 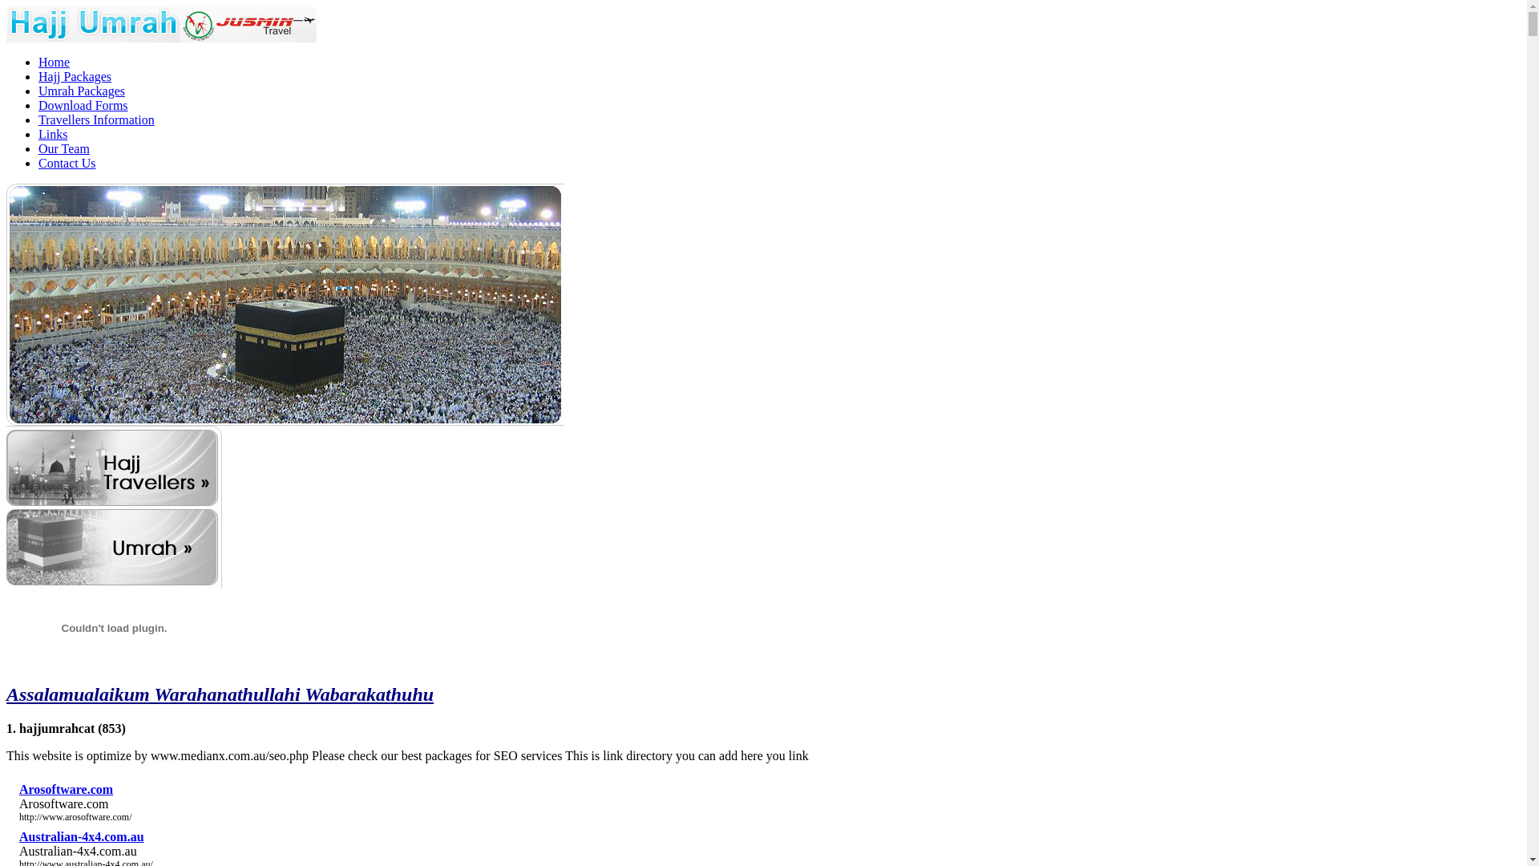 What do you see at coordinates (65, 788) in the screenshot?
I see `'Arosoftware.com'` at bounding box center [65, 788].